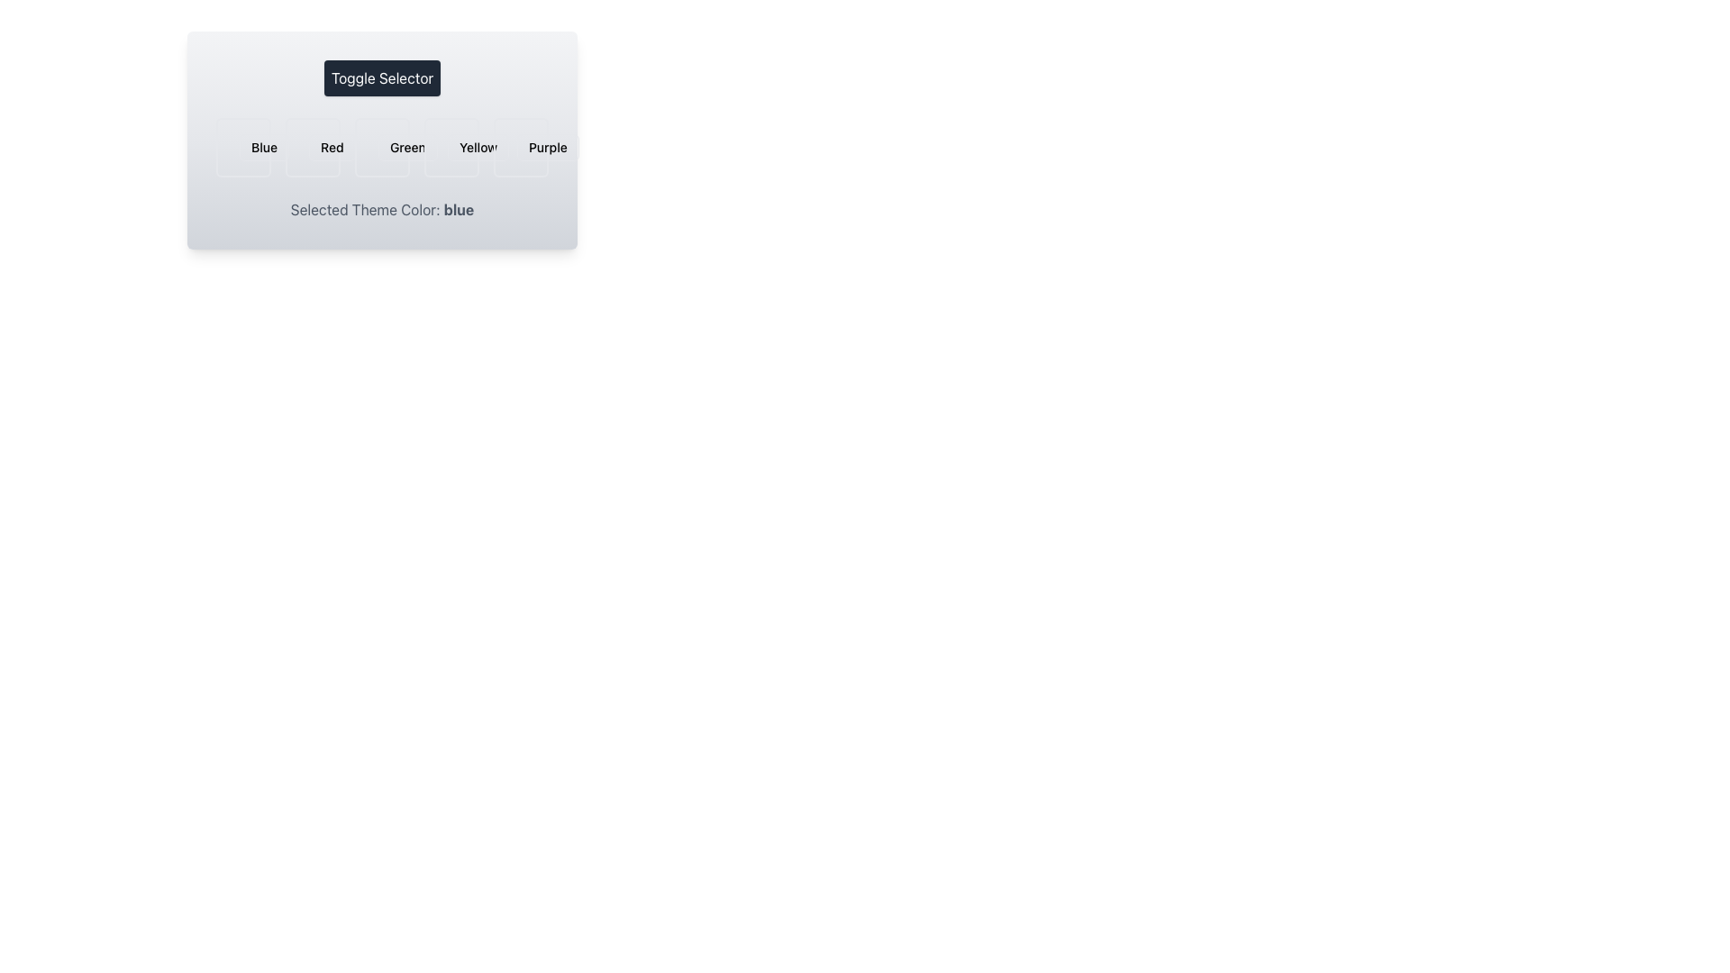 This screenshot has width=1730, height=973. Describe the element at coordinates (381, 139) in the screenshot. I see `the color option within the Toggle Selector widget` at that location.